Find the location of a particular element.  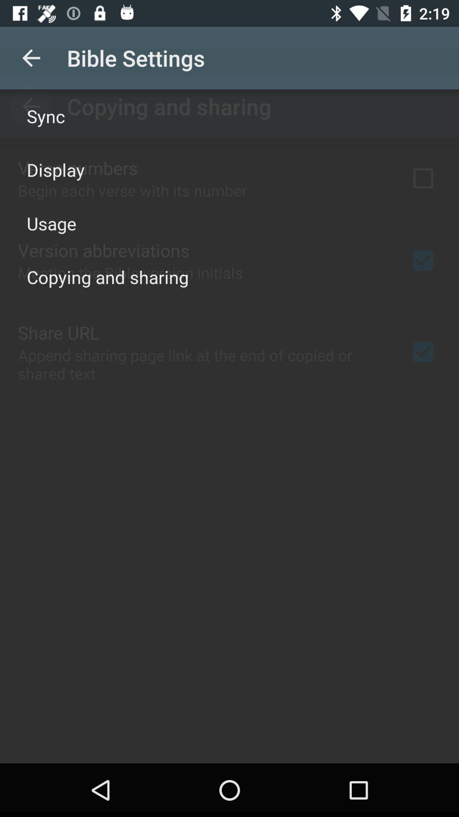

the item above the usage item is located at coordinates (56, 169).